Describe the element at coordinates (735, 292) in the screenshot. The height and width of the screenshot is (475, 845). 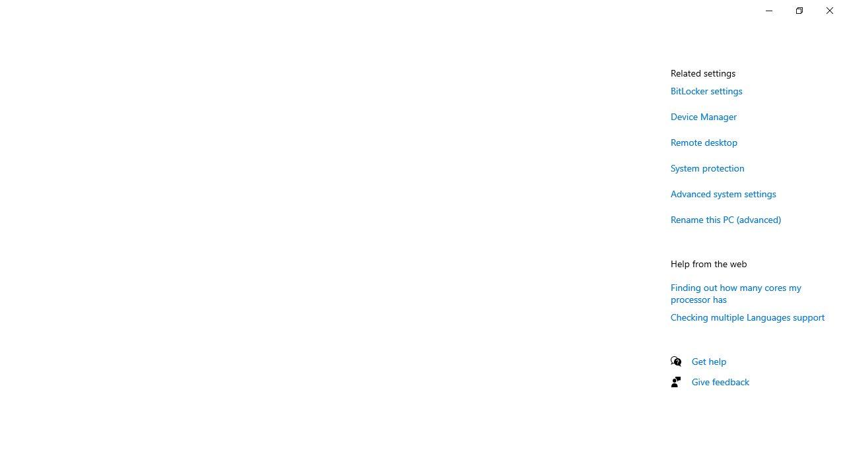
I see `'Finding out how many cores my processor has'` at that location.